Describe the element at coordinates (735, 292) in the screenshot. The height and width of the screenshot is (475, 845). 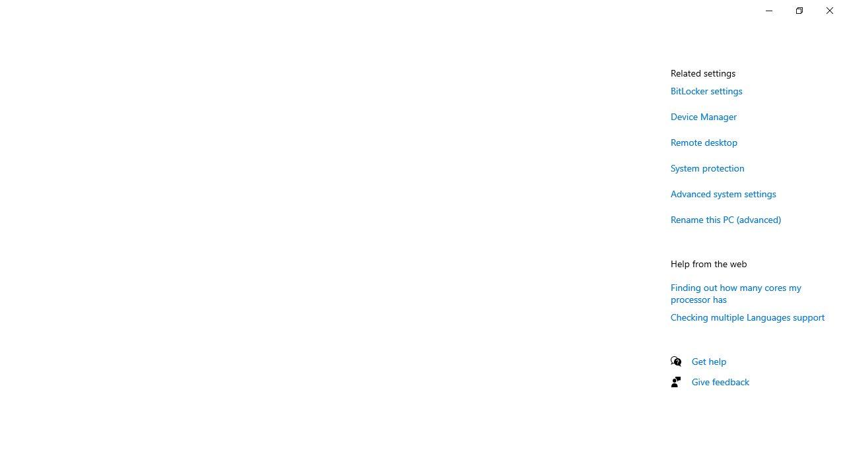
I see `'Finding out how many cores my processor has'` at that location.